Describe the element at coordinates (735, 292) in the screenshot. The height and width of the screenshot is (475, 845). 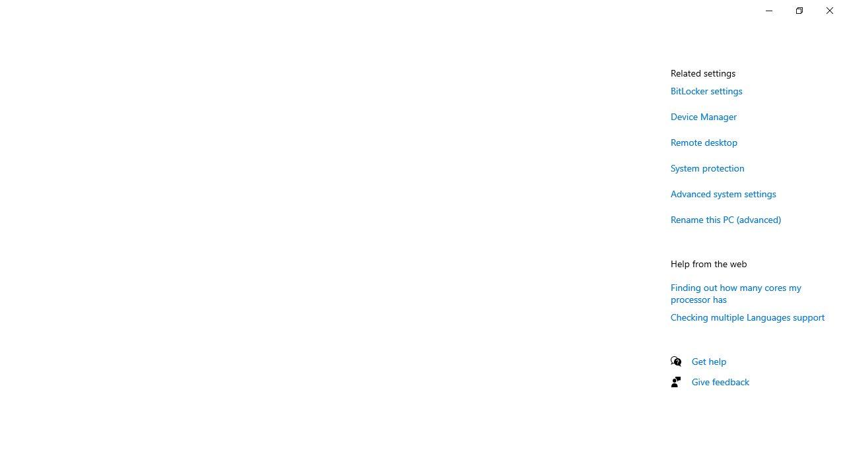
I see `'Finding out how many cores my processor has'` at that location.